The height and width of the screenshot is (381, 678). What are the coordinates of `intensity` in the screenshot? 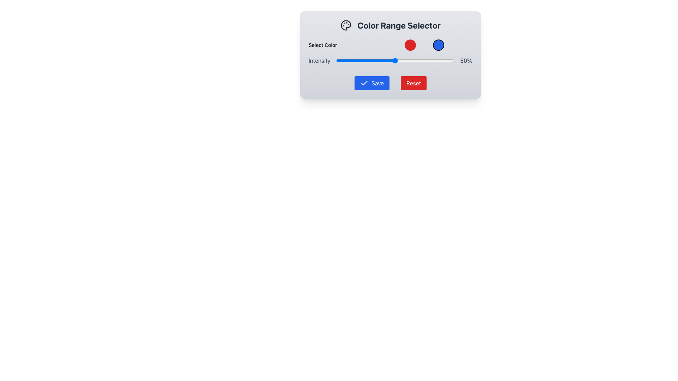 It's located at (434, 60).